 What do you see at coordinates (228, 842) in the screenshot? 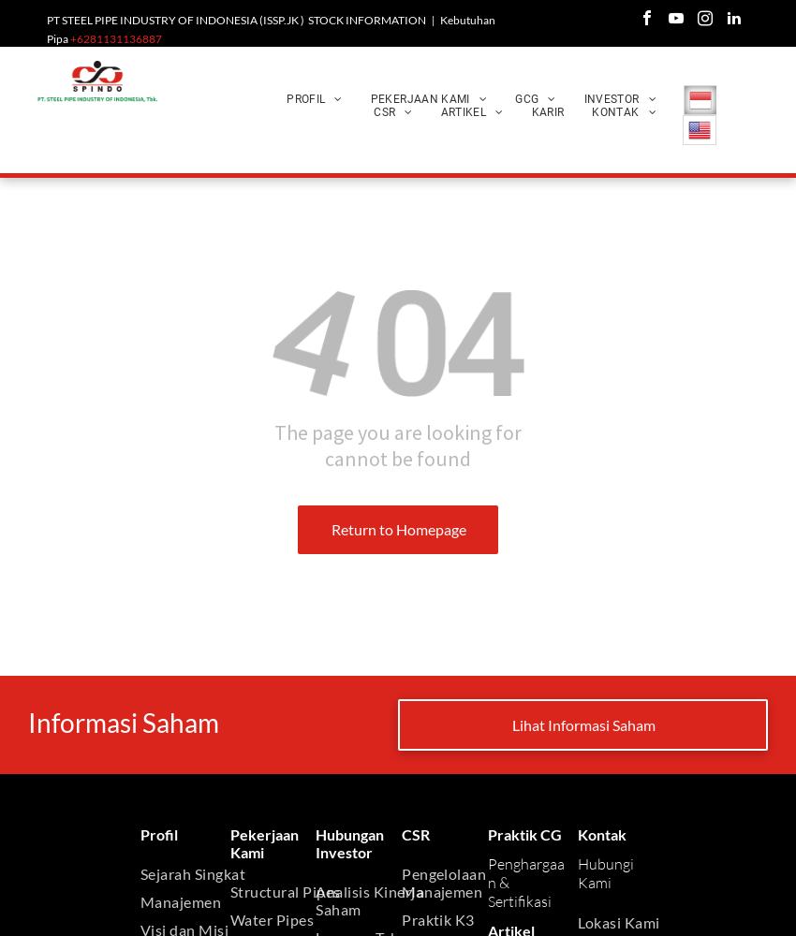
I see `'Pekerjaan Kami'` at bounding box center [228, 842].